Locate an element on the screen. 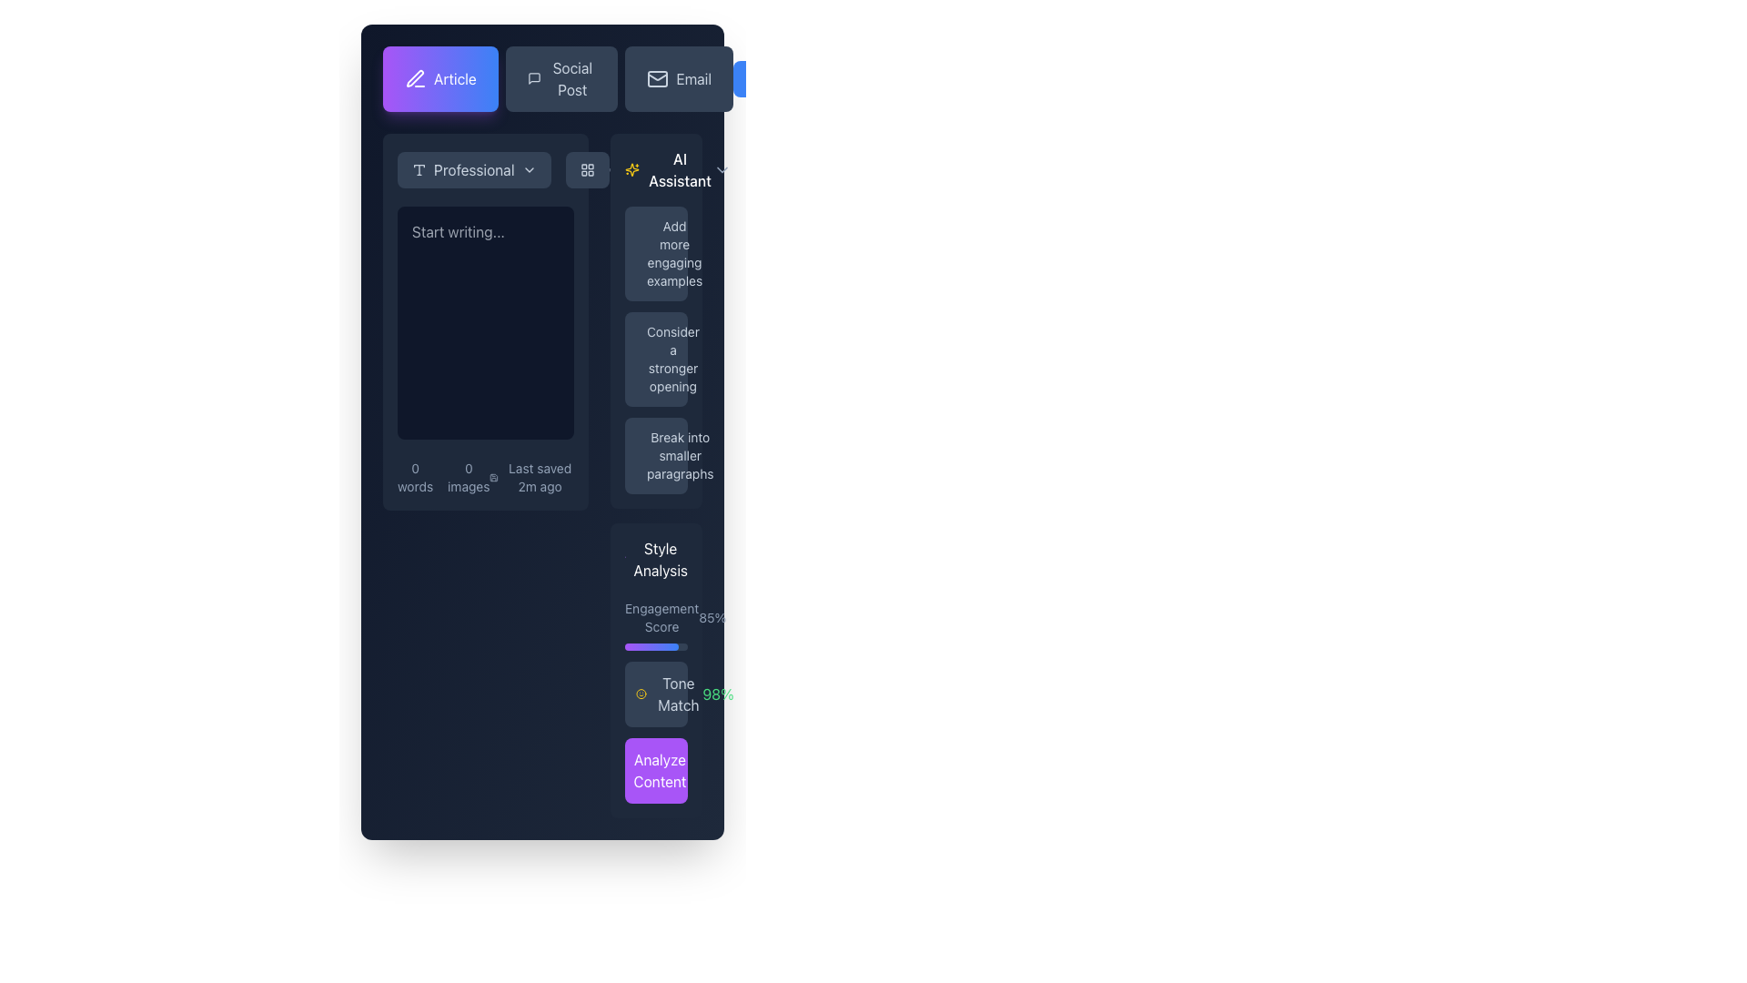  the text label of the button that identifies its purpose for managing social posts, located between the 'Article' and 'Email' buttons is located at coordinates (571, 78).